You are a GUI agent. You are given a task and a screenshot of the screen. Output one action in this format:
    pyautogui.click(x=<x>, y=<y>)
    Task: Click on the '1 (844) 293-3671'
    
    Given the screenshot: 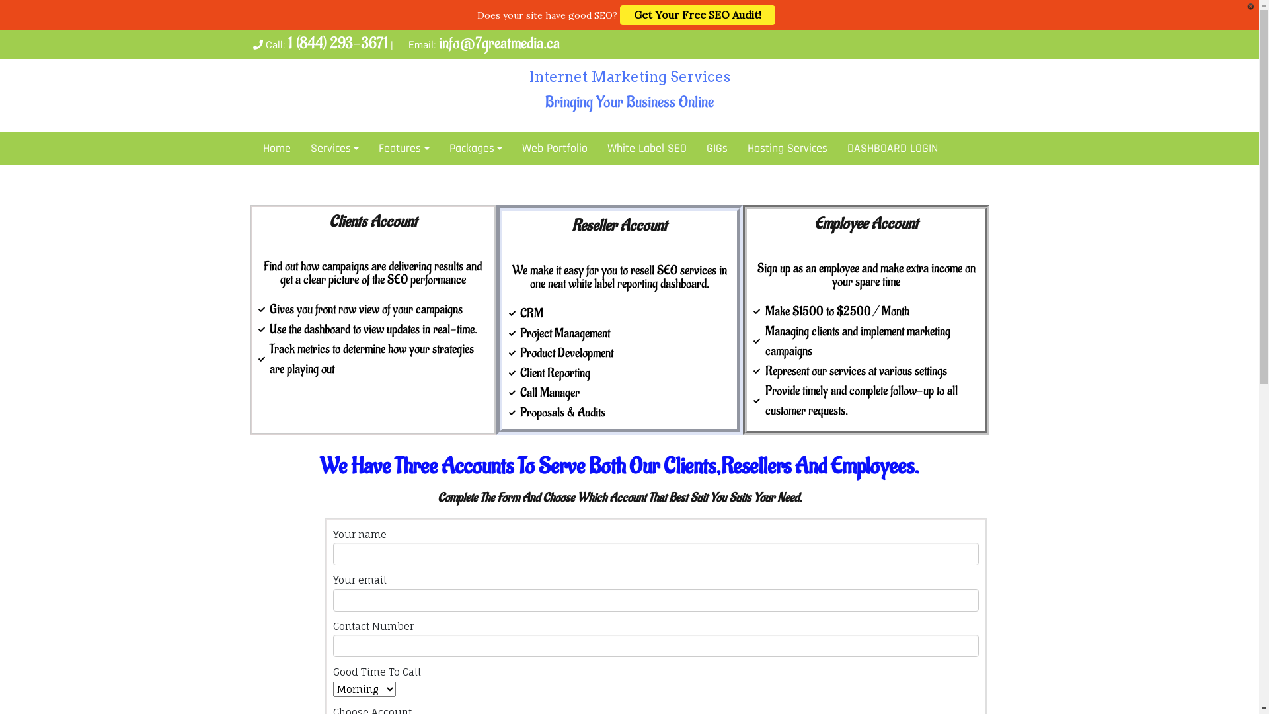 What is the action you would take?
    pyautogui.click(x=338, y=42)
    